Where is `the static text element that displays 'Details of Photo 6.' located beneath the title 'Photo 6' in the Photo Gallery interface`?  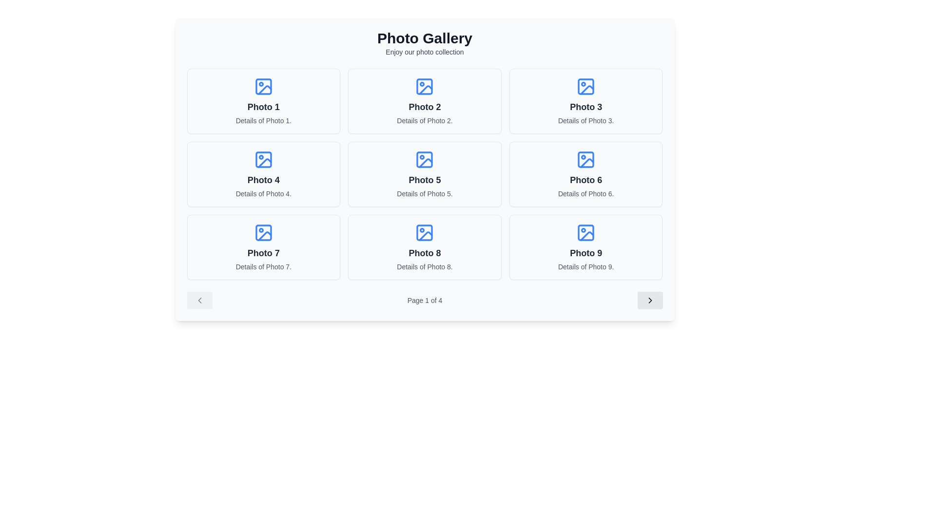 the static text element that displays 'Details of Photo 6.' located beneath the title 'Photo 6' in the Photo Gallery interface is located at coordinates (585, 193).